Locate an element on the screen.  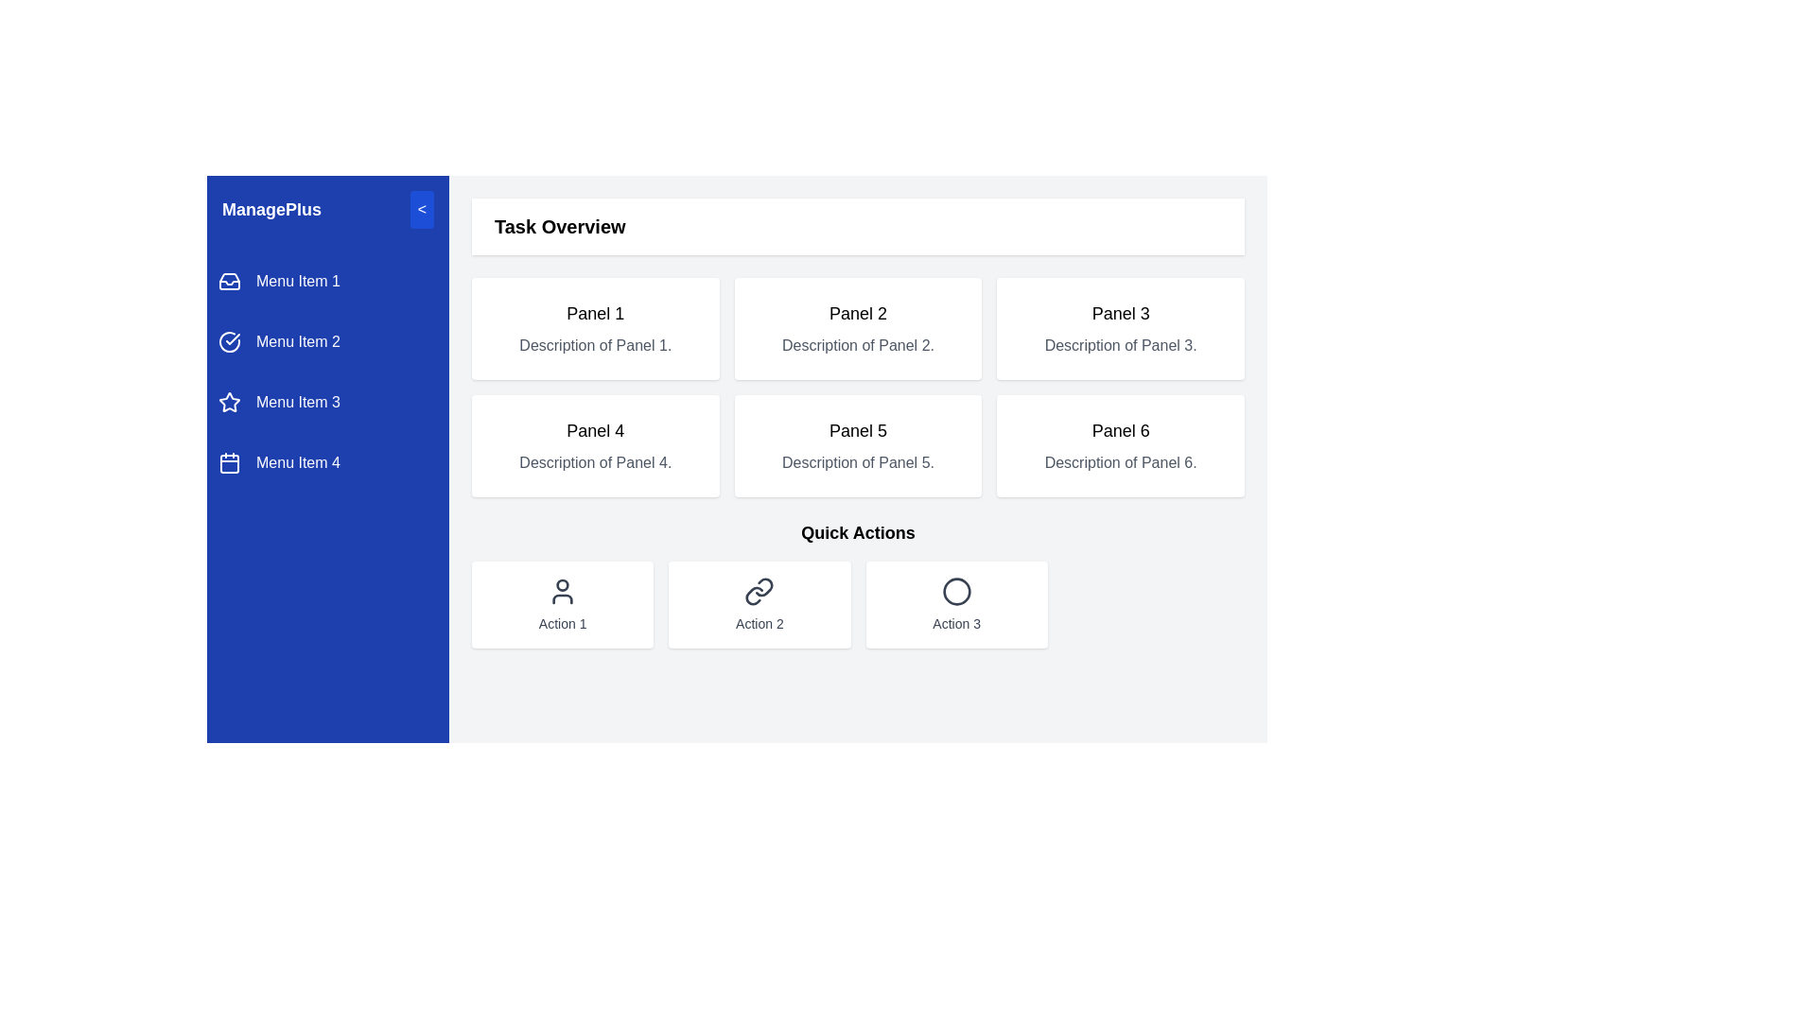
the first card labeled 'Action 1' with a user icon, located in the 'Quick Actions' section below 'Task Overview' is located at coordinates (562, 605).